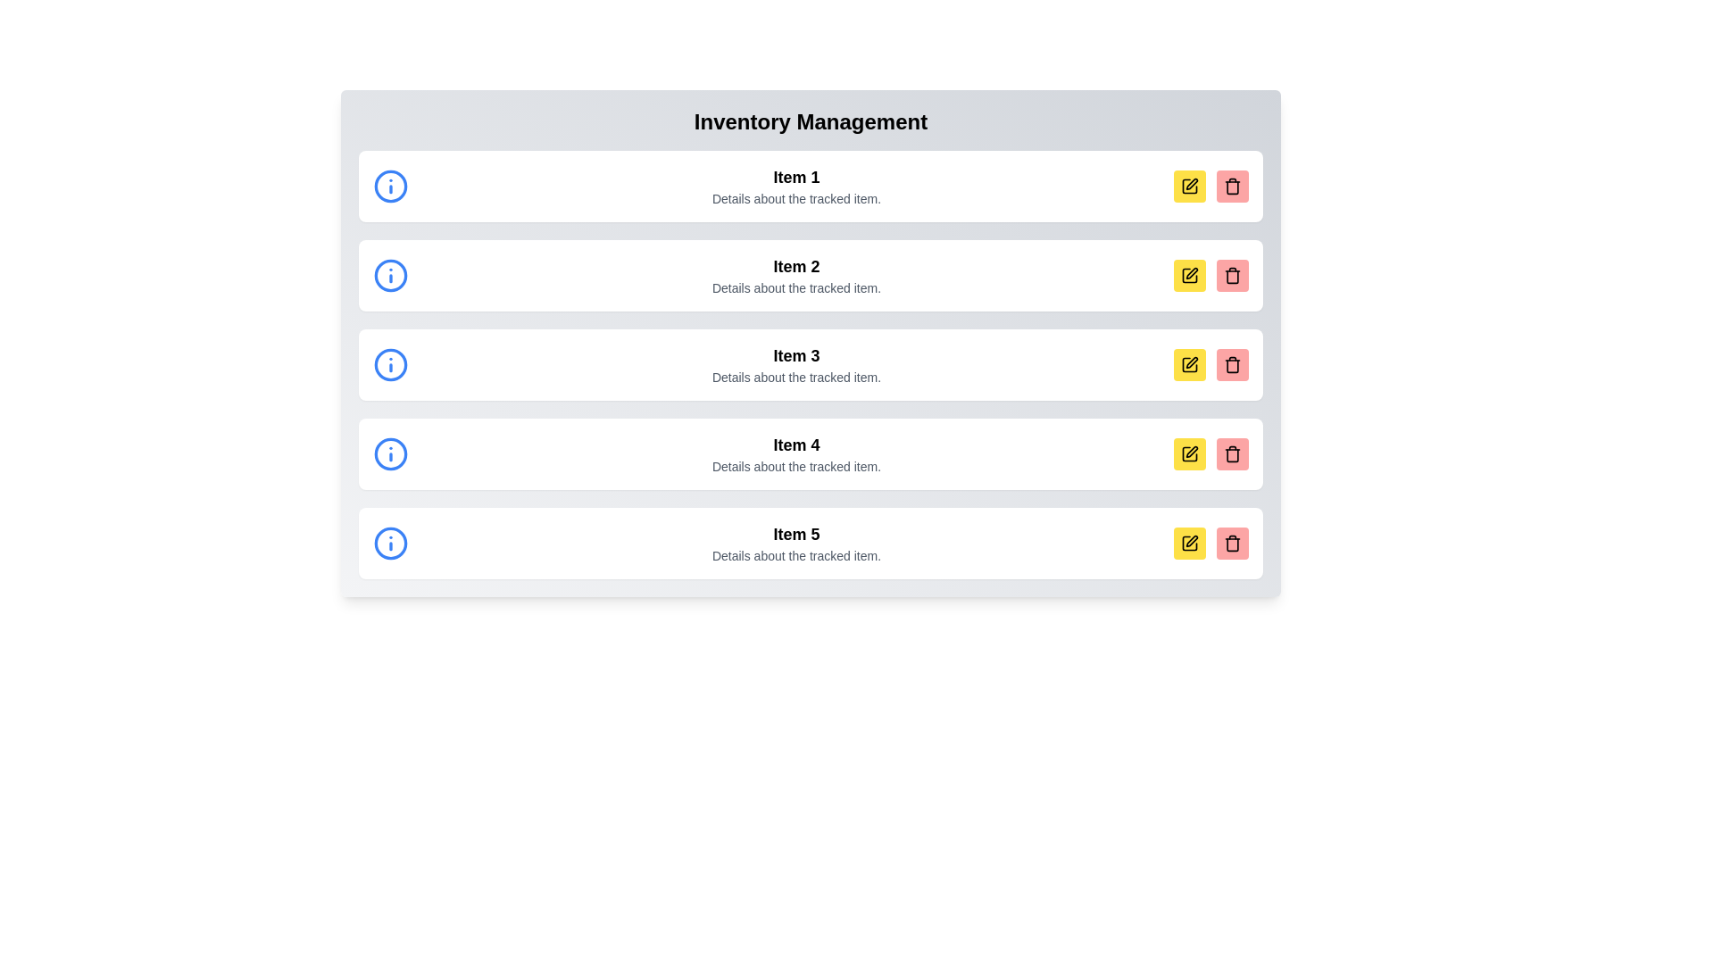 This screenshot has height=964, width=1714. What do you see at coordinates (1232, 186) in the screenshot?
I see `the trash bin icon on the far-right side of the item's row in the 'Inventory Management' section` at bounding box center [1232, 186].